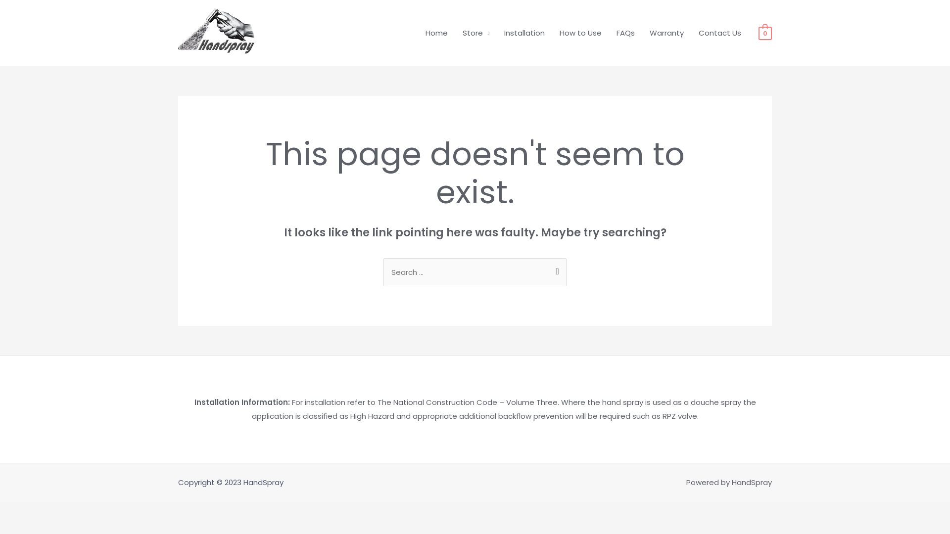 Image resolution: width=950 pixels, height=534 pixels. Describe the element at coordinates (719, 32) in the screenshot. I see `'Contact Us'` at that location.